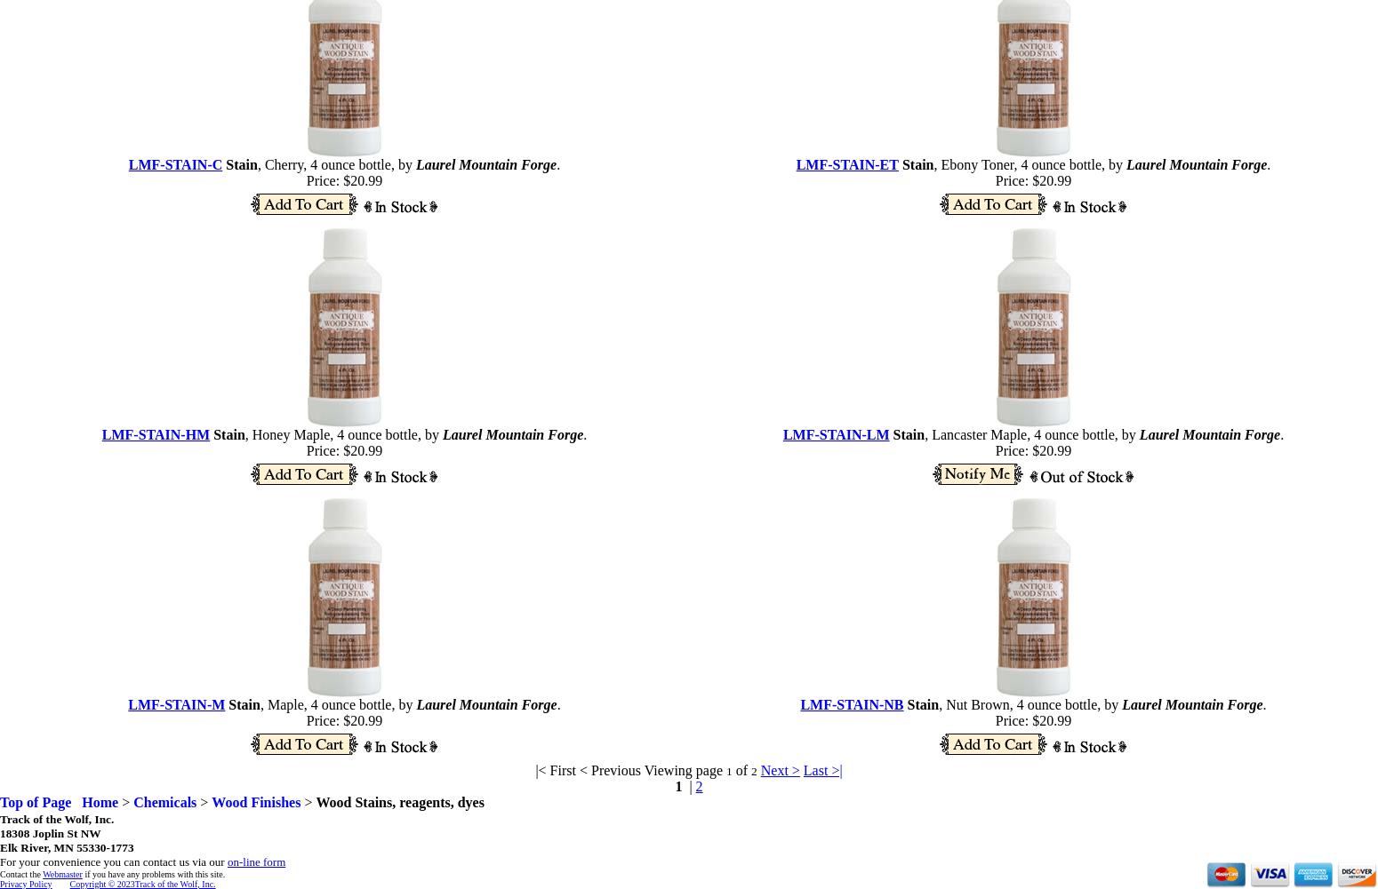 Image resolution: width=1378 pixels, height=889 pixels. Describe the element at coordinates (1030, 433) in the screenshot. I see `',
Lancaster Maple,
4 ounce bottle,
by'` at that location.